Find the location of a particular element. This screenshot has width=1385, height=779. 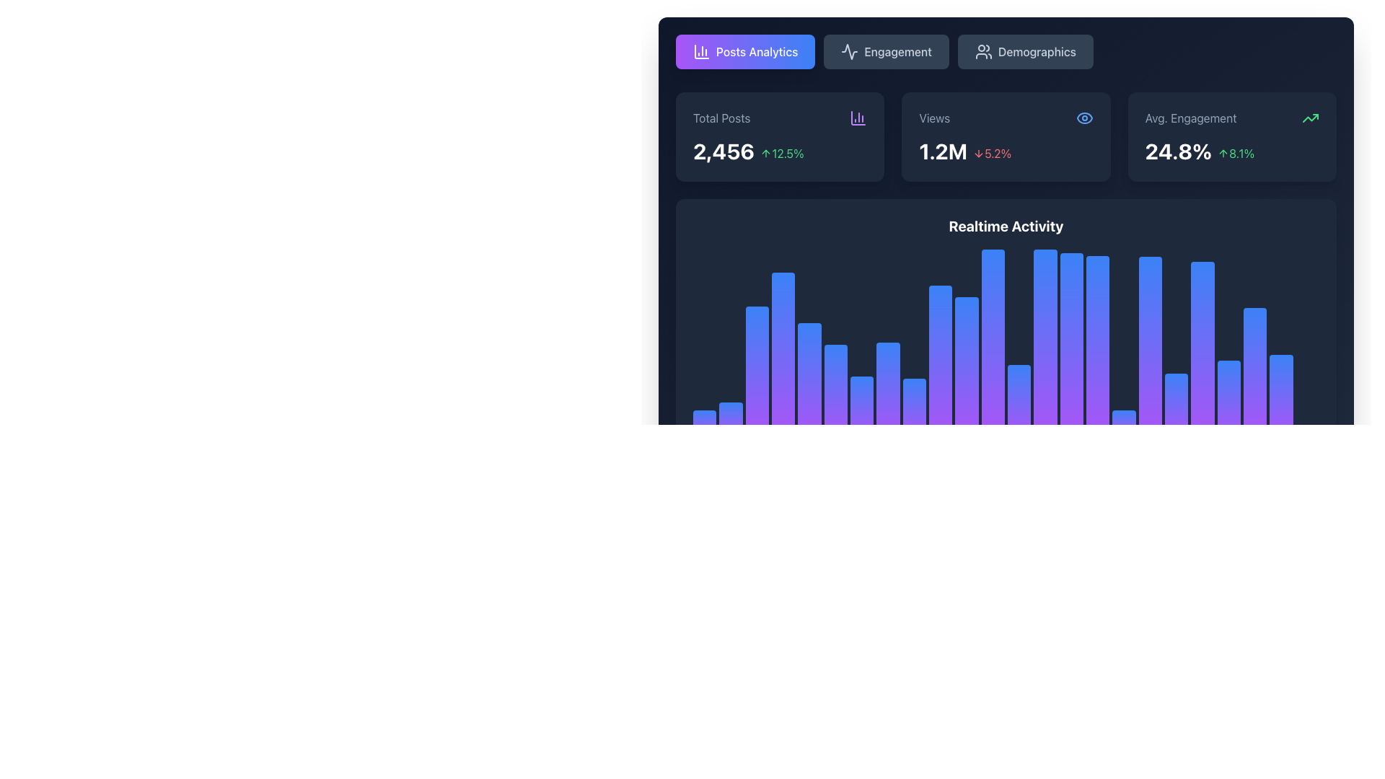

the 'Demographics' button is located at coordinates (1006, 51).